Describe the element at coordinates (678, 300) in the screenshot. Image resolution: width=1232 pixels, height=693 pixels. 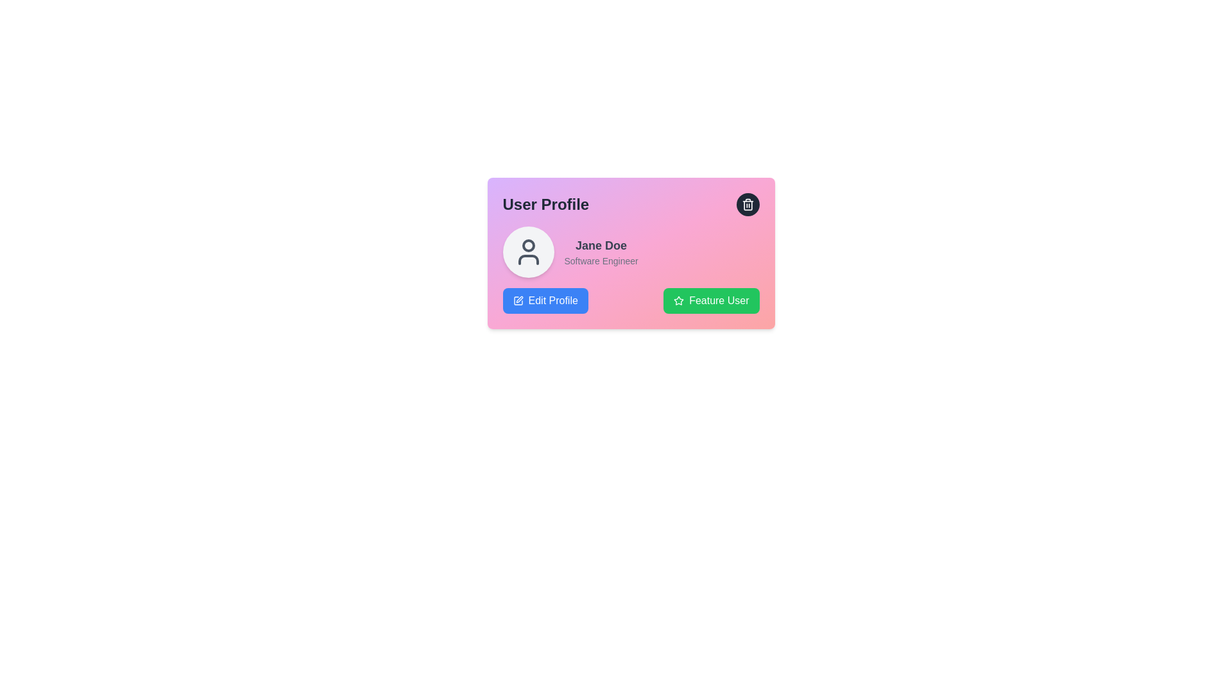
I see `the vivid green star-shaped icon located on the user profile card in the top right corner` at that location.